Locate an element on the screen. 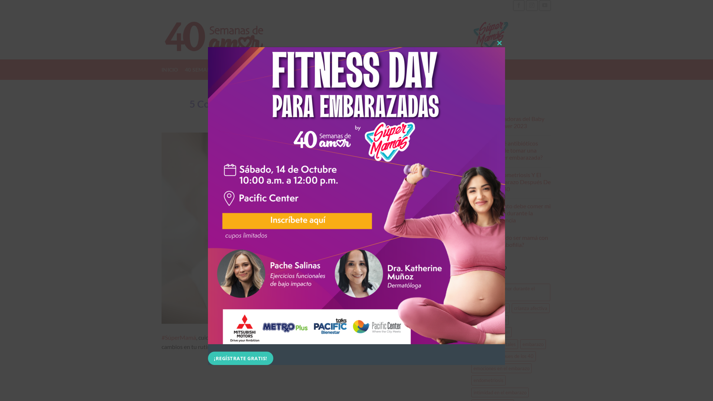  'intimidad en el embarazo' is located at coordinates (470, 392).